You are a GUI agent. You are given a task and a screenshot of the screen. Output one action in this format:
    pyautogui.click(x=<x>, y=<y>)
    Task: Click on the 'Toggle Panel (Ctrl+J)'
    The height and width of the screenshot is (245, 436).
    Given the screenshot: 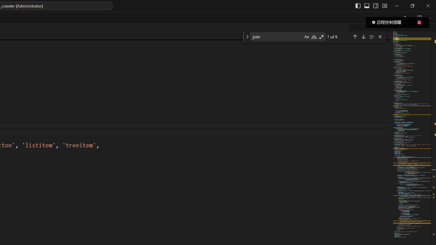 What is the action you would take?
    pyautogui.click(x=367, y=5)
    